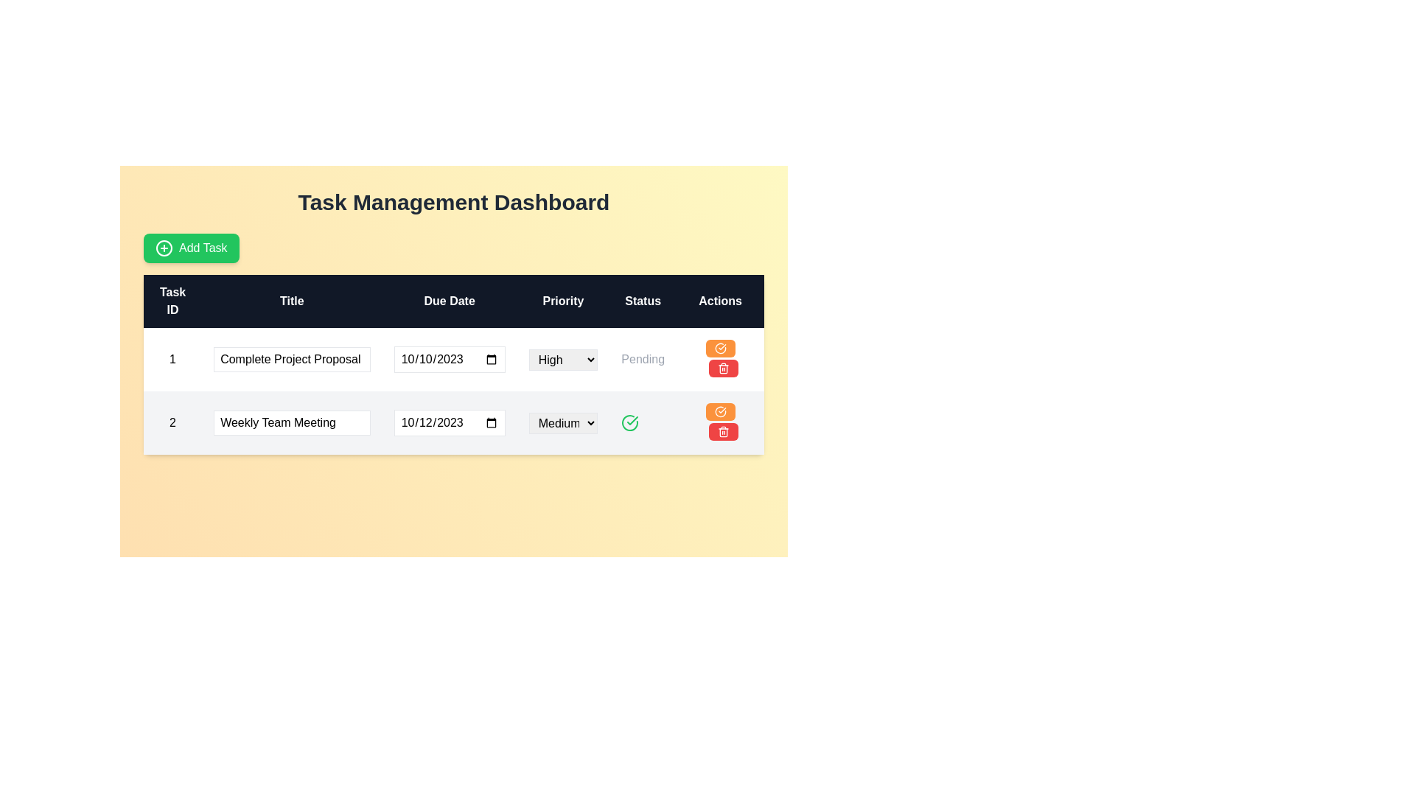 The width and height of the screenshot is (1415, 796). Describe the element at coordinates (720, 300) in the screenshot. I see `the 'Actions' column header in the task management table, which indicates the purpose of the content below it and is located at the far right next to the 'Status' column header` at that location.